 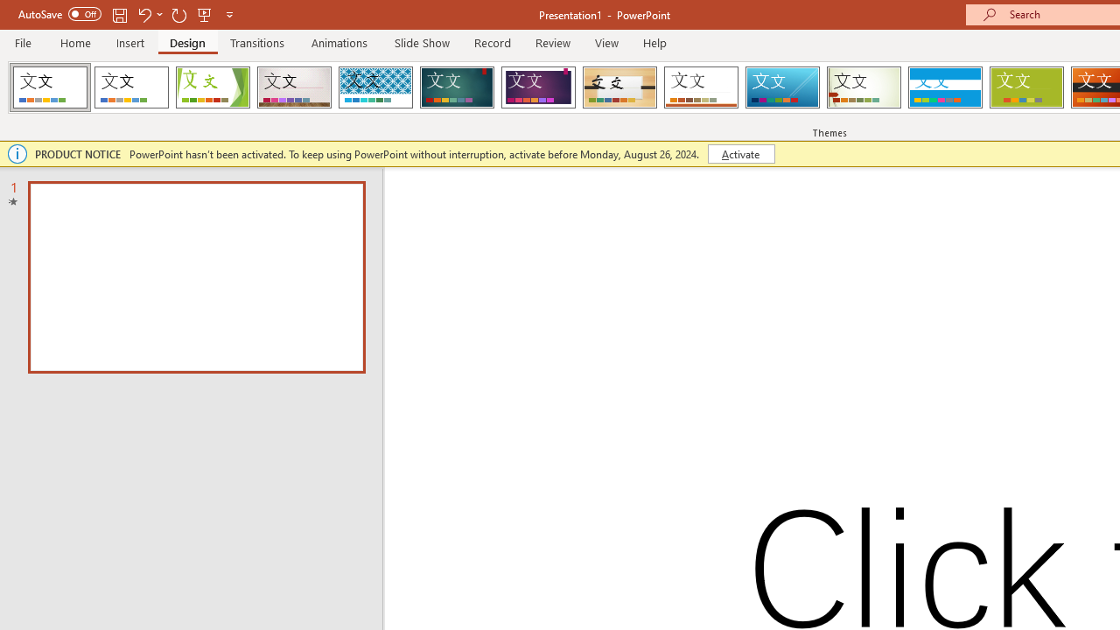 What do you see at coordinates (619, 87) in the screenshot?
I see `'Organic'` at bounding box center [619, 87].